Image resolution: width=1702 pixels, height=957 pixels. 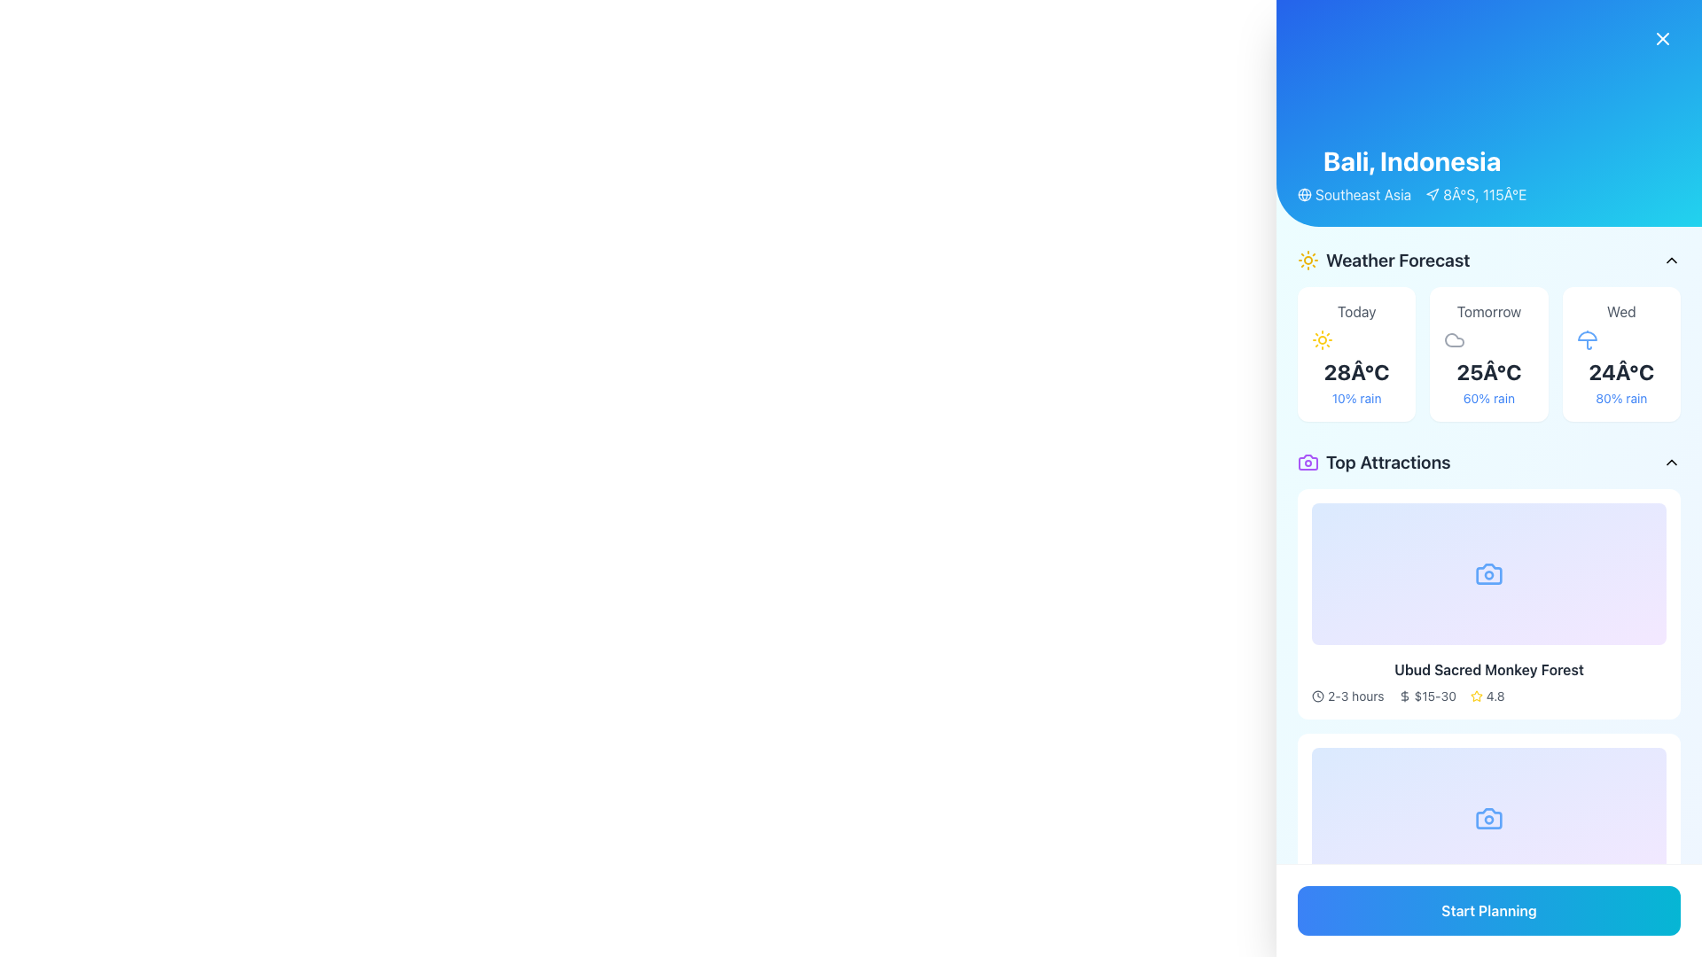 I want to click on the star icon used for ratings located in the mid-section of the right panel, adjacent to the description of 'Ubud Sacred Monkey Forest.', so click(x=1476, y=695).